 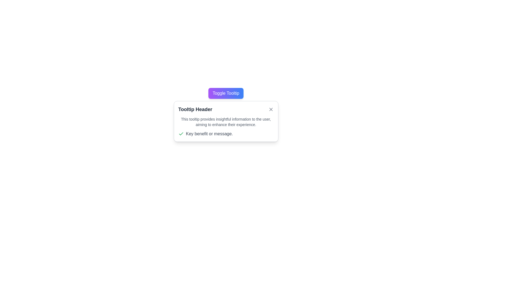 What do you see at coordinates (181, 134) in the screenshot?
I see `the green checkmark icon that symbolizes confirmation, located next to the text 'Key benefit or message.' in the tooltip section` at bounding box center [181, 134].